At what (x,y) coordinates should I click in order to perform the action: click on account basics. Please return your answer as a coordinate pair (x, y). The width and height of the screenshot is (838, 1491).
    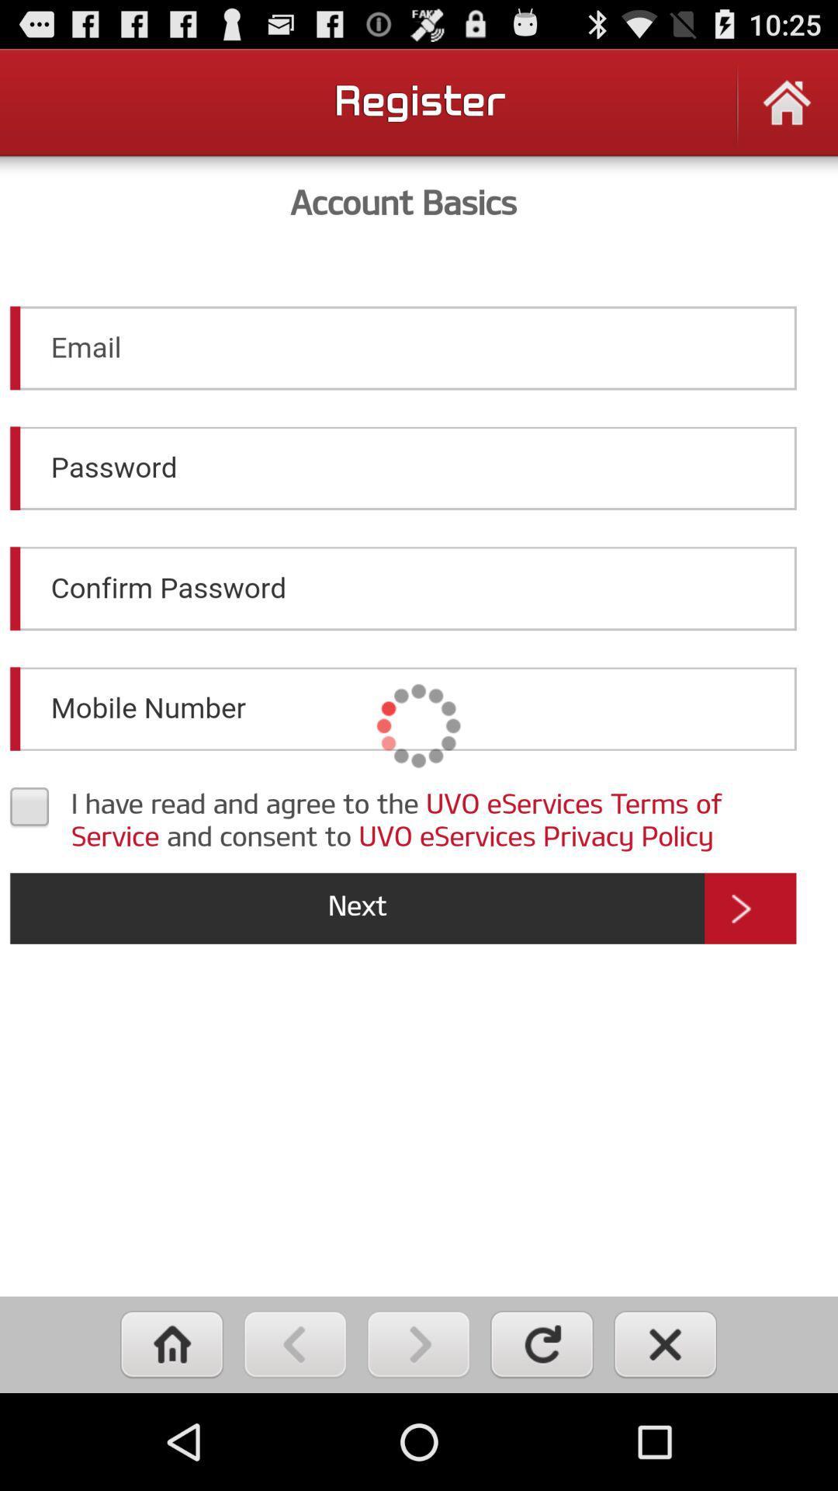
    Looking at the image, I should click on (419, 725).